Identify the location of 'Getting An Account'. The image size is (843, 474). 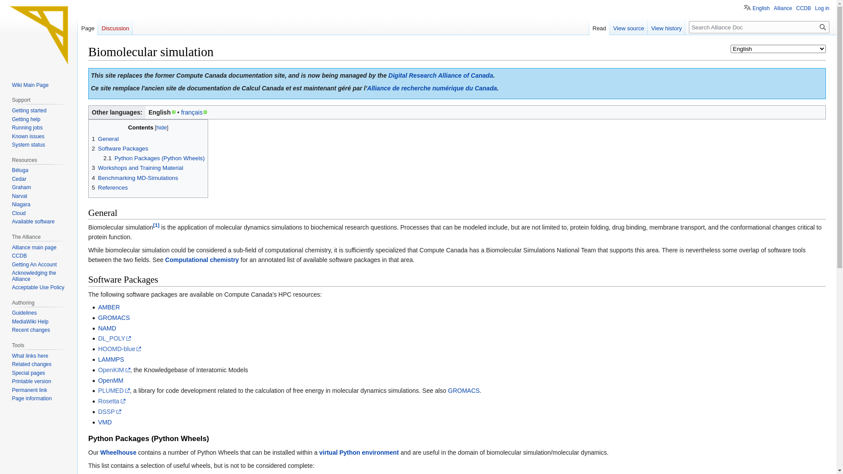
(34, 264).